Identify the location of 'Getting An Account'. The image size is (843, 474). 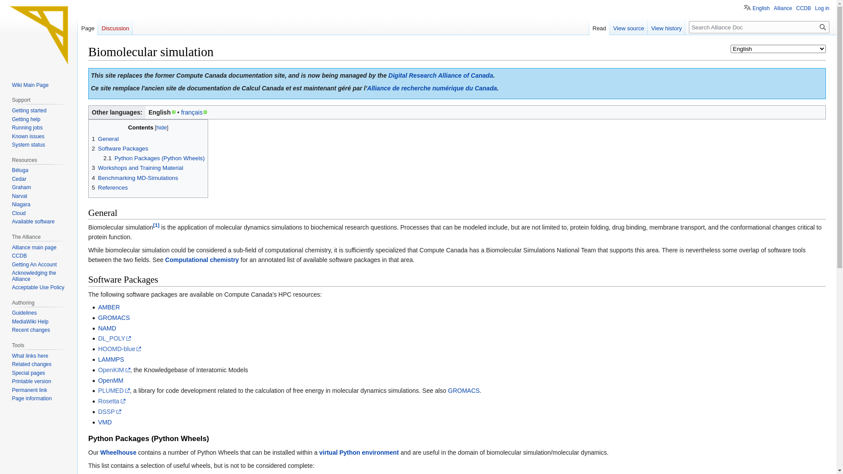
(34, 264).